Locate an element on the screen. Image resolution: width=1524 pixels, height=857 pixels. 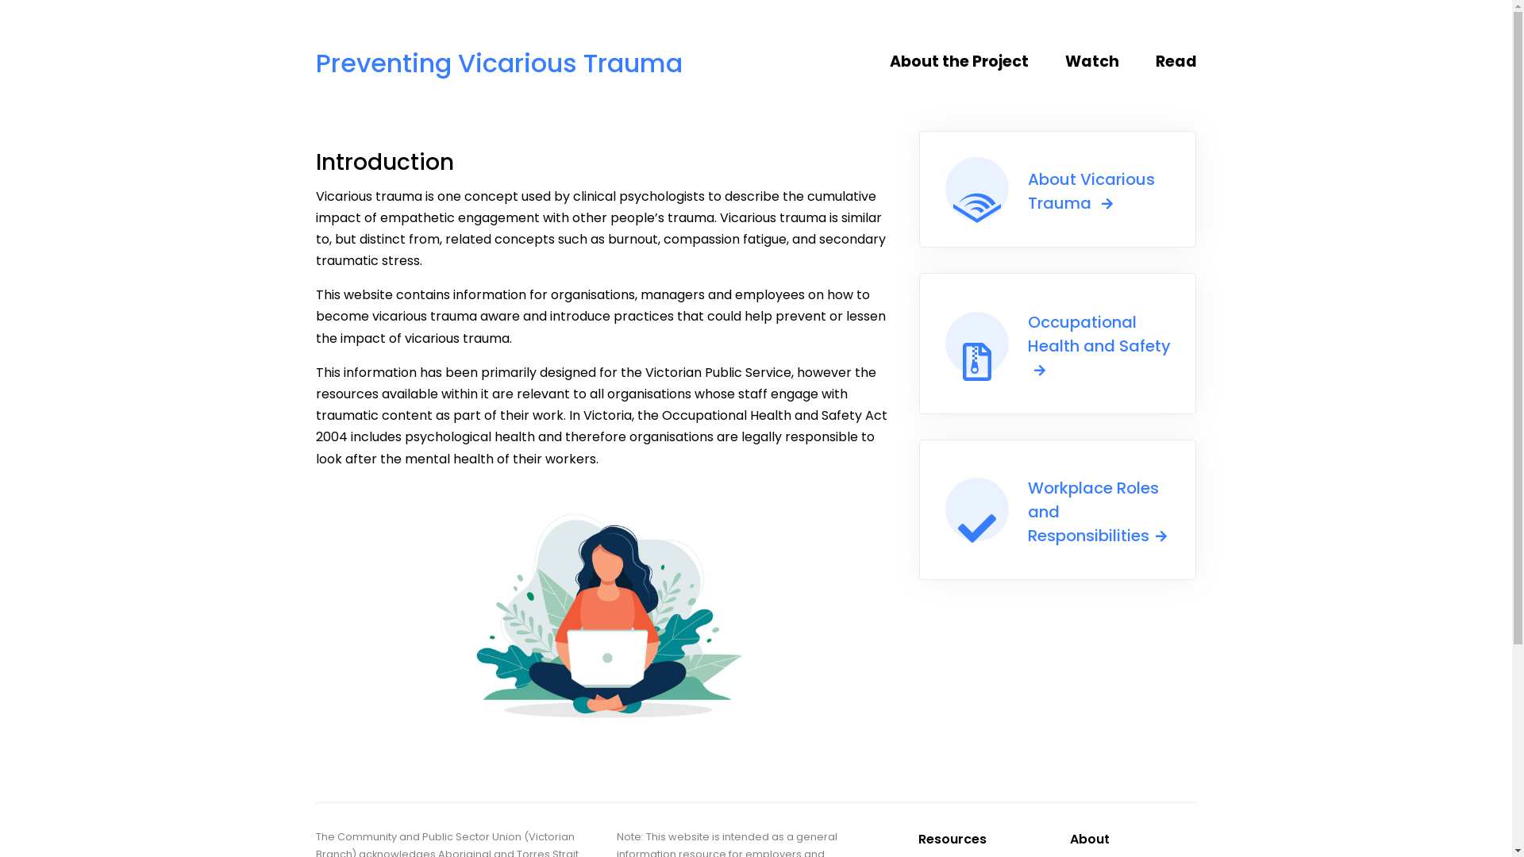
'Workplace Roles and Responsibilities' is located at coordinates (1058, 509).